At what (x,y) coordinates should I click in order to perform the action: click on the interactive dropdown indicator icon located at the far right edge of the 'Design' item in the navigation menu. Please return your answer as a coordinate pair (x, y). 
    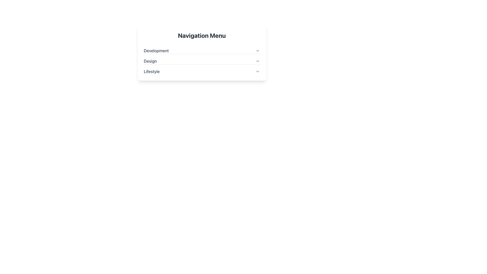
    Looking at the image, I should click on (258, 61).